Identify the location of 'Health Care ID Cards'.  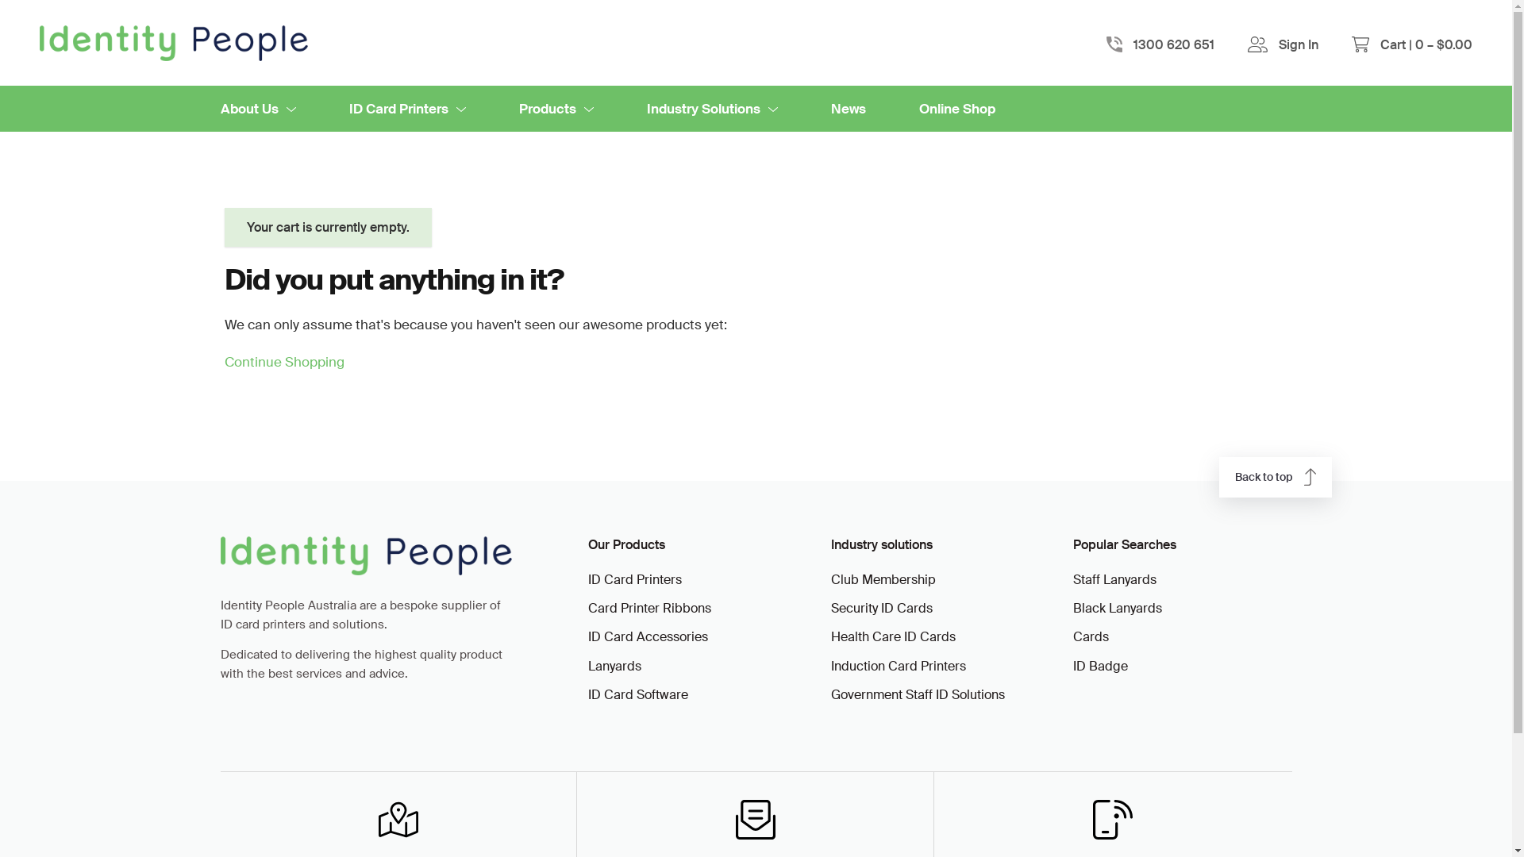
(937, 636).